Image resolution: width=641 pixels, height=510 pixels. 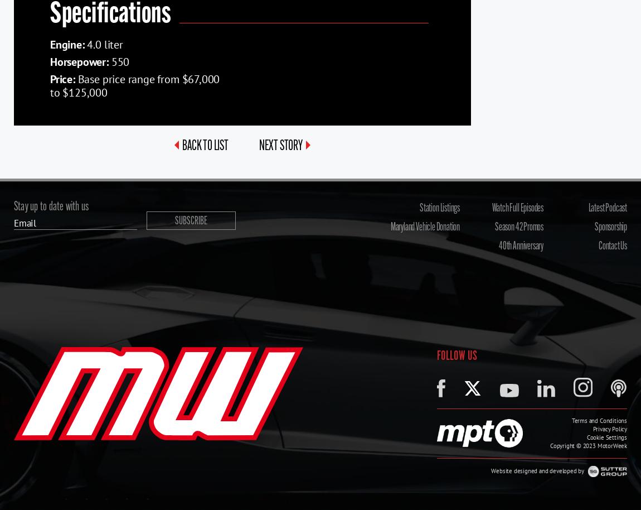 What do you see at coordinates (103, 43) in the screenshot?
I see `'4.0 liter'` at bounding box center [103, 43].